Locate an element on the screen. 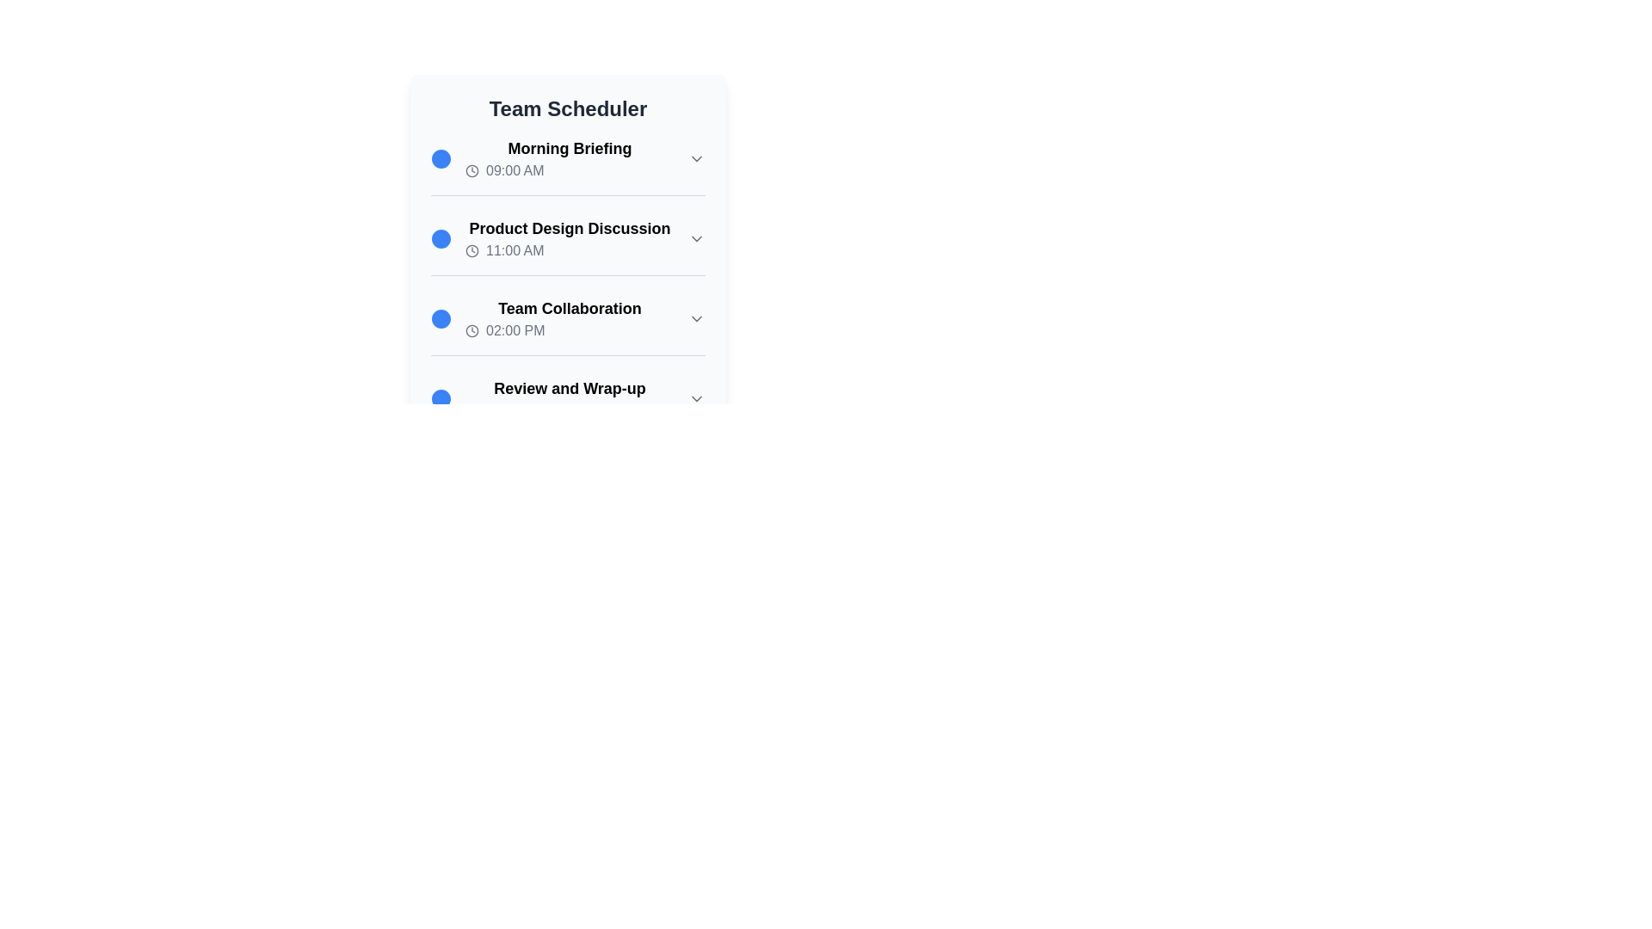  the dropdown of the second list item in the 'Team Scheduler' section is located at coordinates (568, 238).